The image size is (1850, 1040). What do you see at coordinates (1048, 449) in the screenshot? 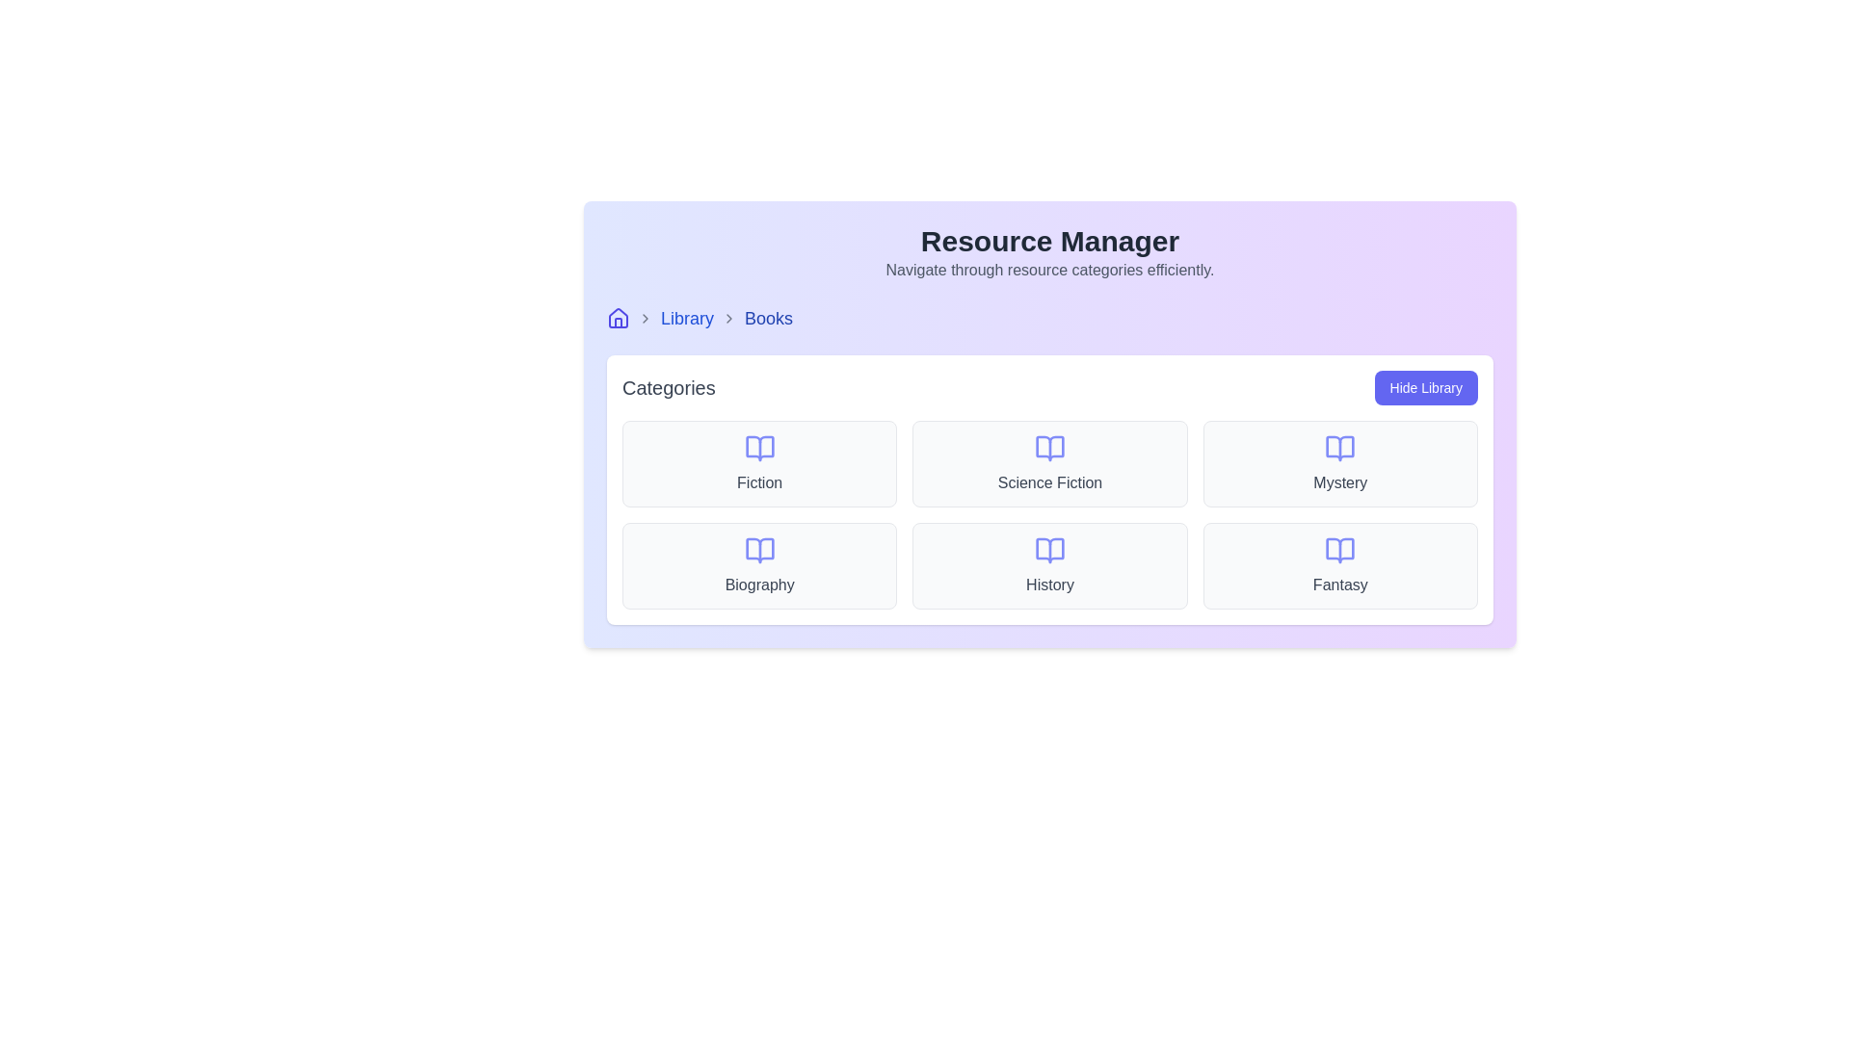
I see `the graphical icon shaped like an open book, which is the second icon in the 'Science Fiction' category card, centrally located in the top row of the categories grid` at bounding box center [1048, 449].